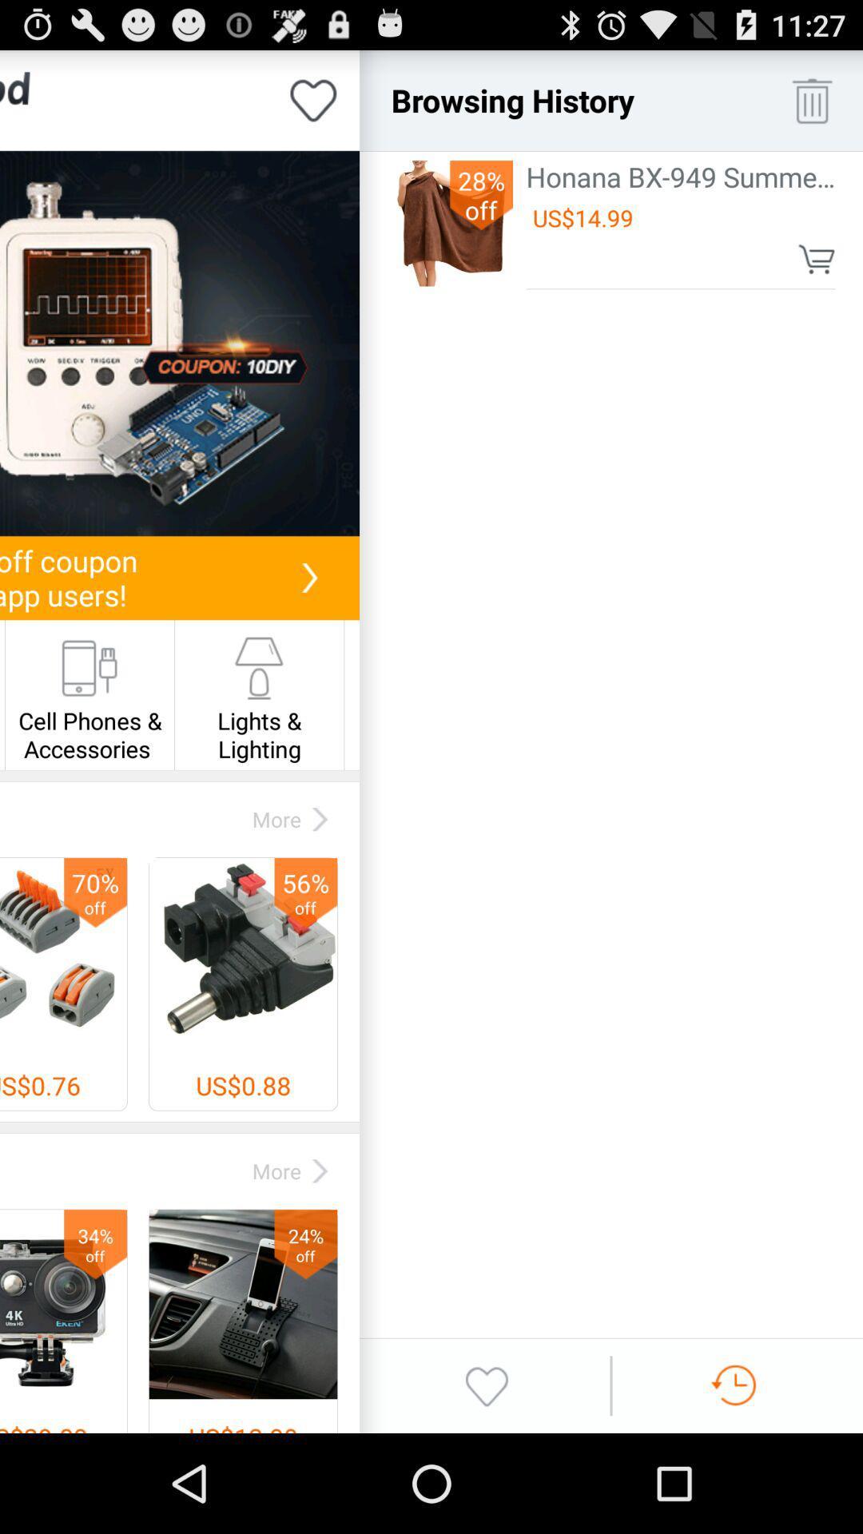 The height and width of the screenshot is (1534, 863). Describe the element at coordinates (14, 106) in the screenshot. I see `the label icon` at that location.